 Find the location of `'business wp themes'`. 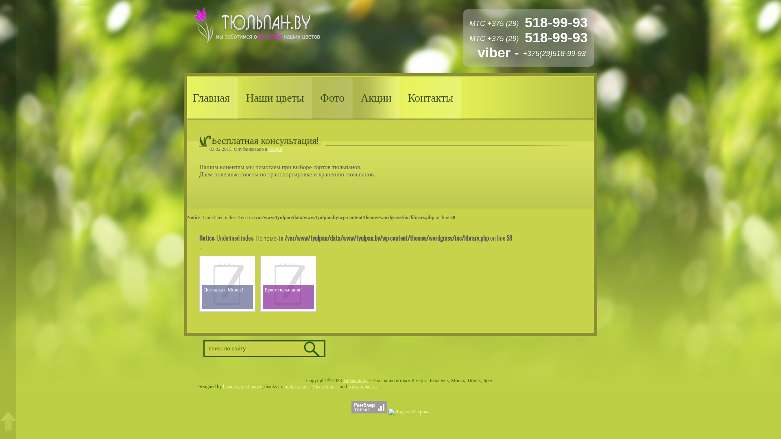

'business wp themes' is located at coordinates (223, 386).